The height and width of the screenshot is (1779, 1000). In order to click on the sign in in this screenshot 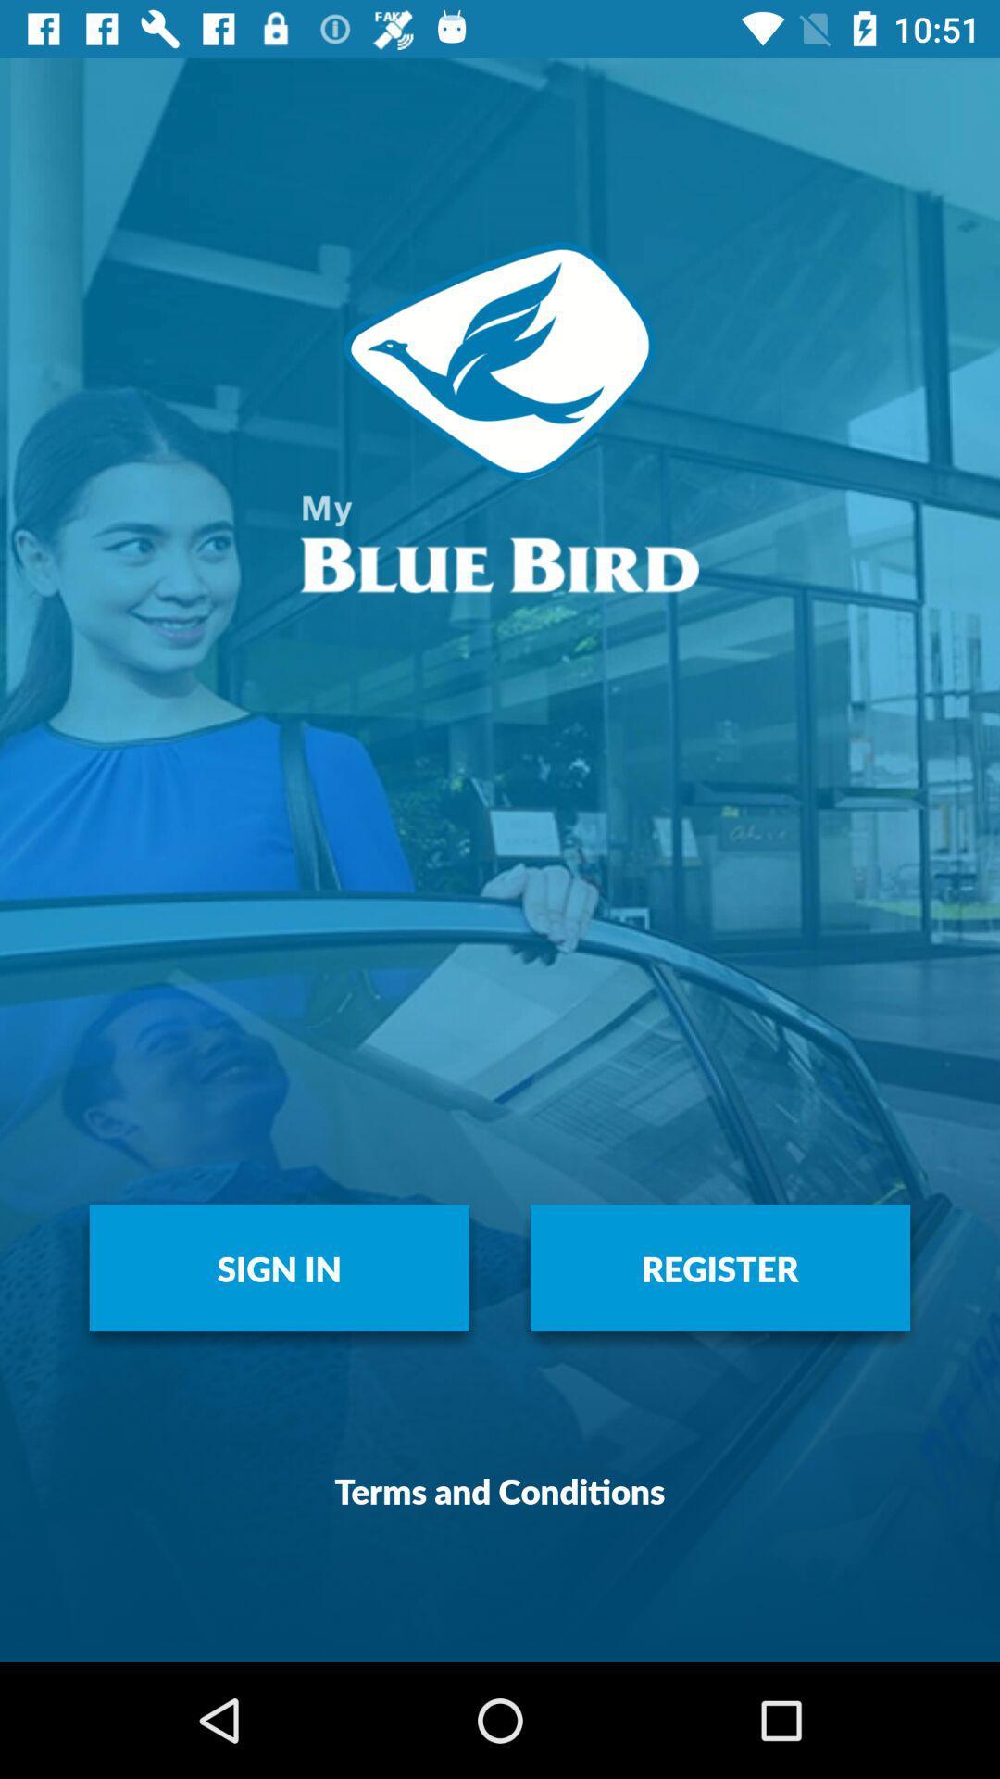, I will do `click(279, 1267)`.